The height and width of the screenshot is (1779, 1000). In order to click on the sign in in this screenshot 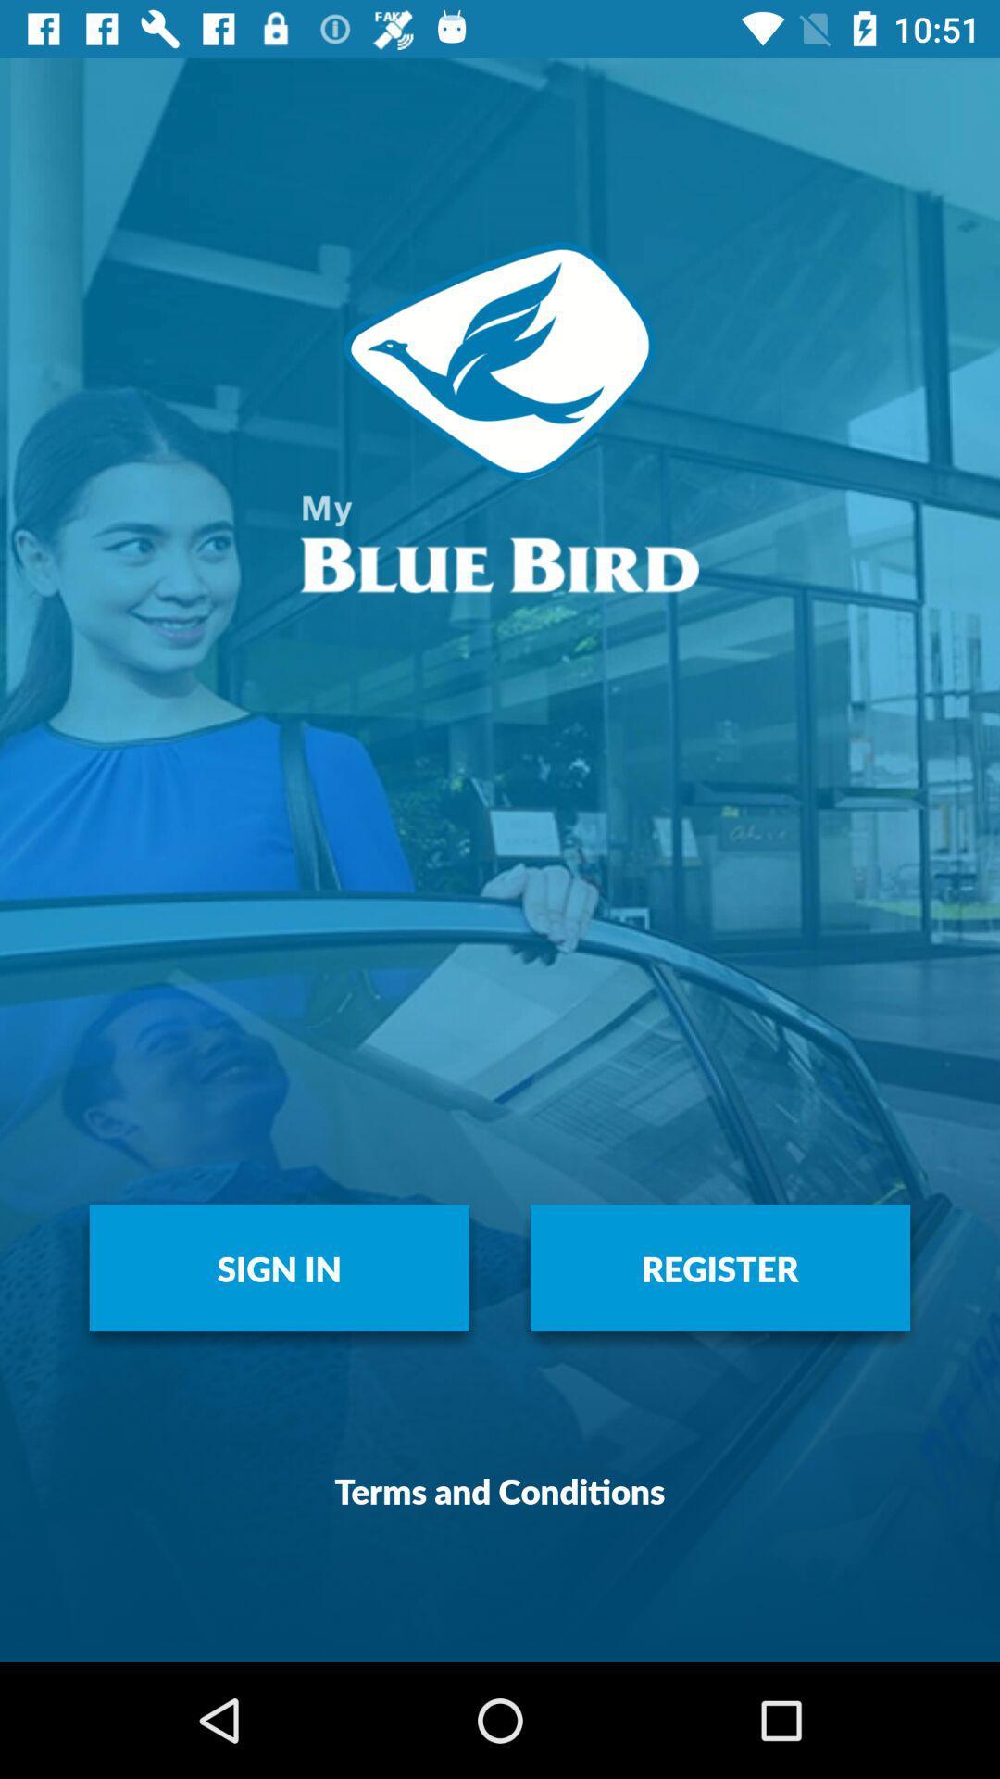, I will do `click(279, 1267)`.